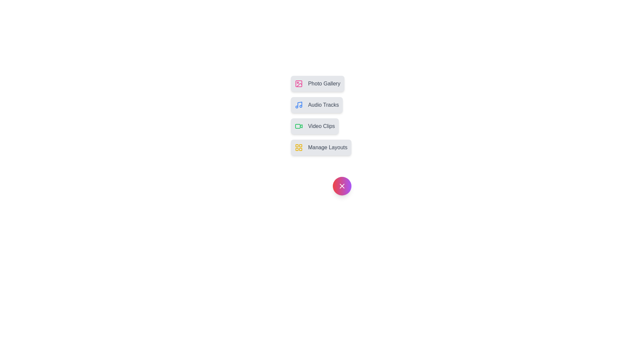 The image size is (639, 359). Describe the element at coordinates (321, 126) in the screenshot. I see `the text label displaying 'Video Clips'` at that location.